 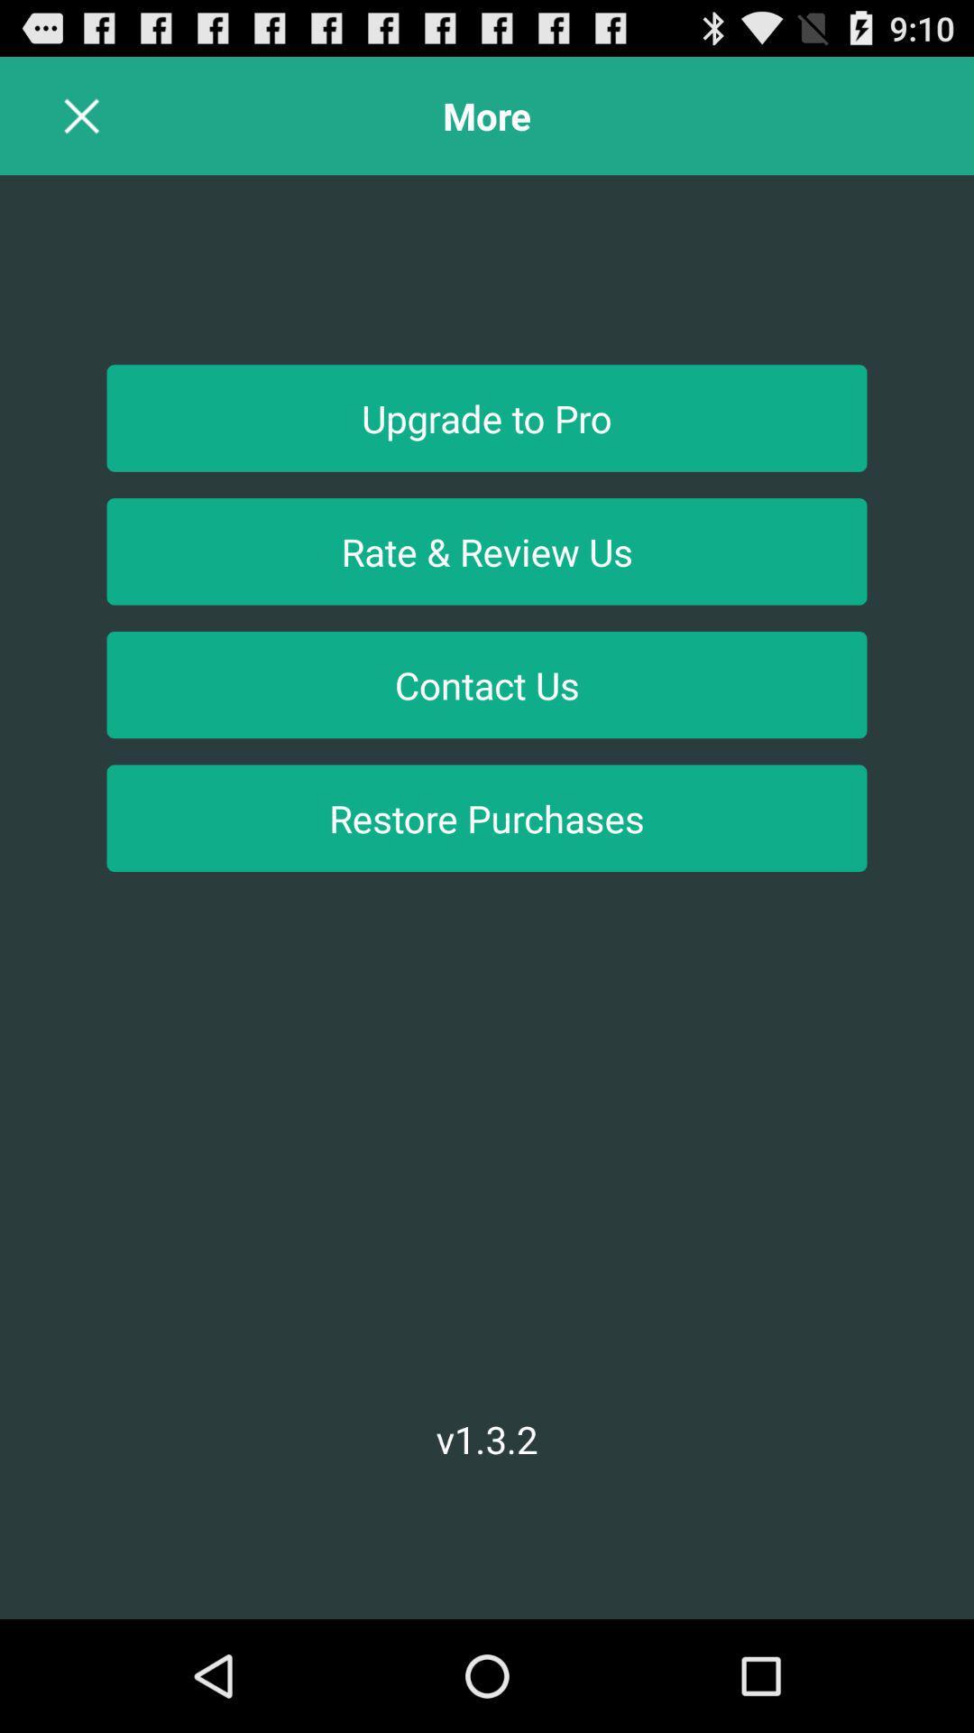 I want to click on the icon above upgrade to pro item, so click(x=82, y=115).